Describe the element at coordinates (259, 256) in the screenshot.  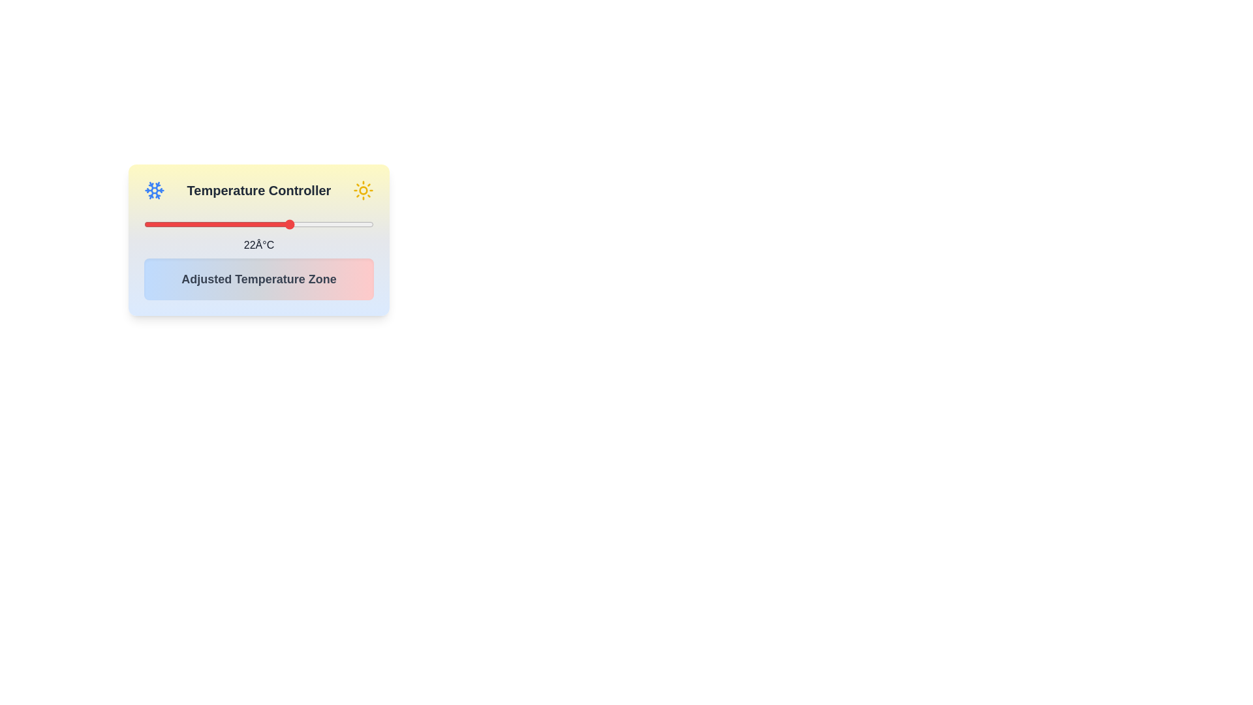
I see `the Informational panel containing the red slider, '22°C' temperature value, and 'Adjusted Temperature Zone' label, which is located below the slider in the 'Temperature Controller' card` at that location.